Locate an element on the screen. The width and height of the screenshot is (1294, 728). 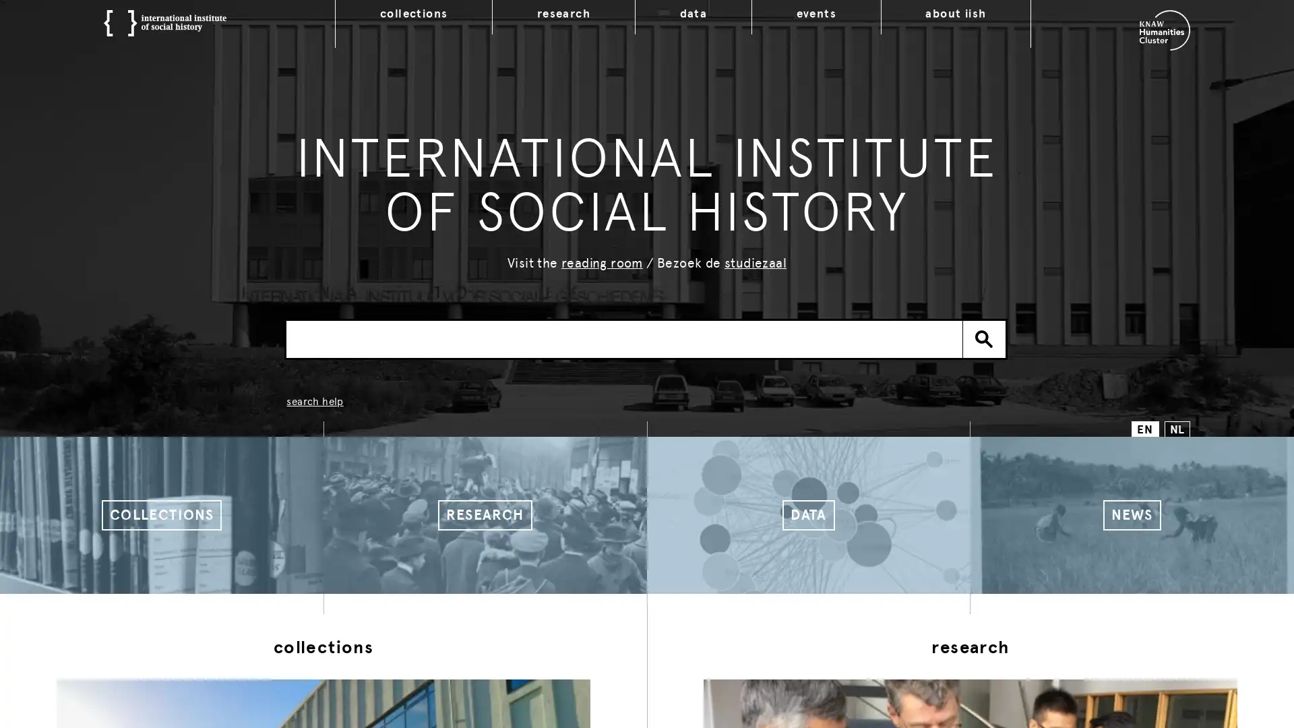
Search is located at coordinates (984, 338).